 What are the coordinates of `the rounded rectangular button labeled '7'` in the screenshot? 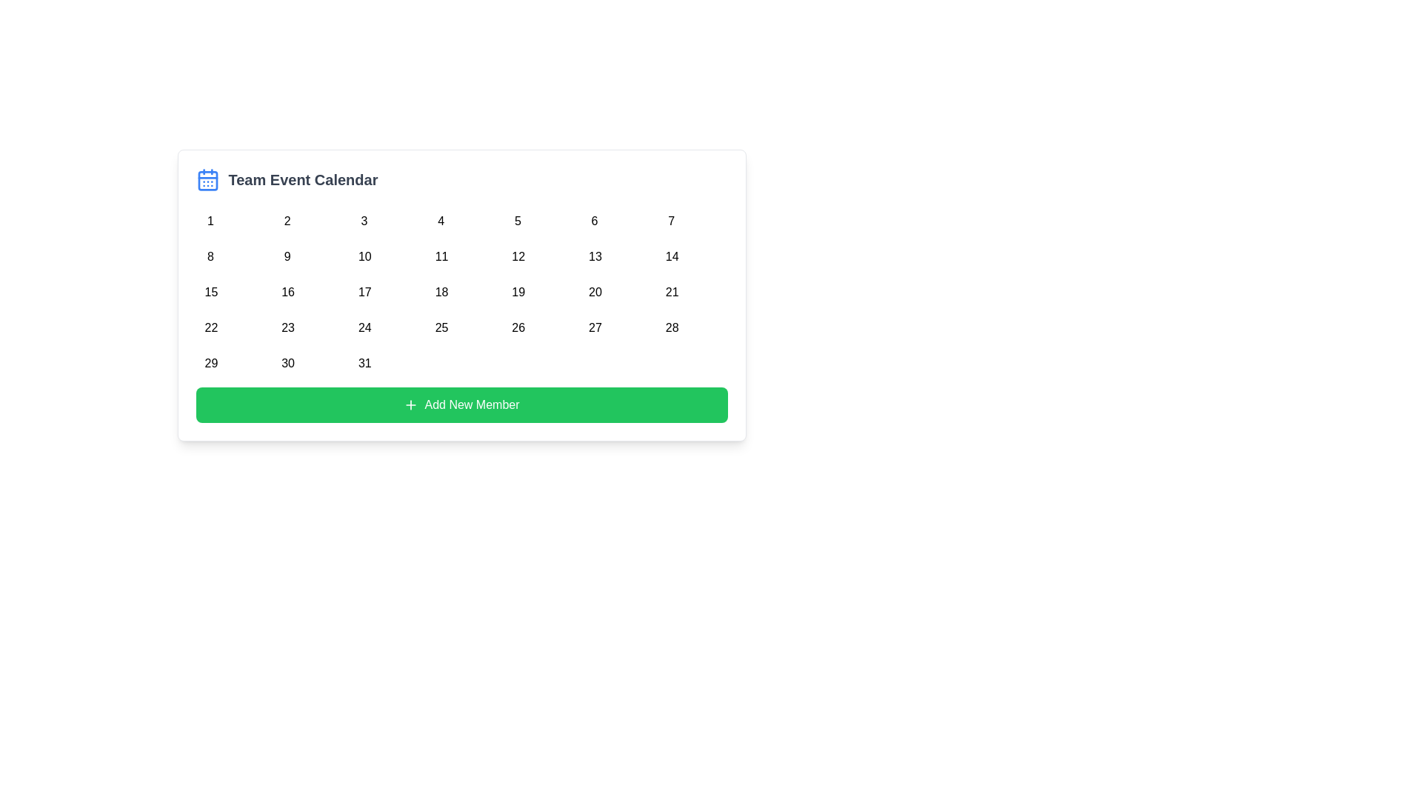 It's located at (670, 218).